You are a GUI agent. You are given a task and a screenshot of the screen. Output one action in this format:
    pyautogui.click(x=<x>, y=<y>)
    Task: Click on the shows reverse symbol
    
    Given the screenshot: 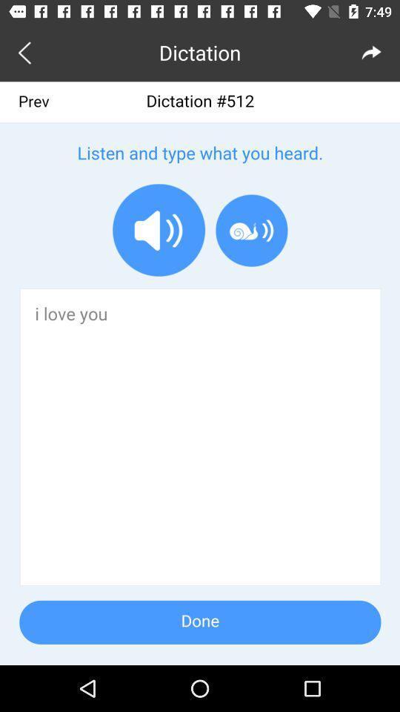 What is the action you would take?
    pyautogui.click(x=27, y=52)
    